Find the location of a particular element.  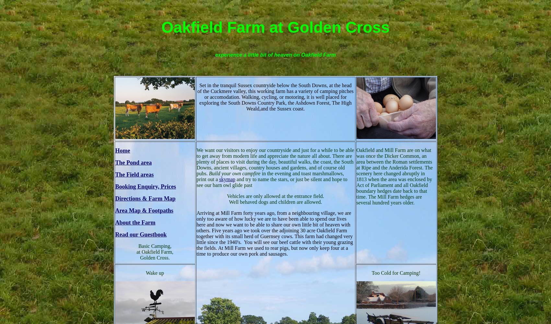

'in the evening and toast marshmallows, print out a' is located at coordinates (270, 176).